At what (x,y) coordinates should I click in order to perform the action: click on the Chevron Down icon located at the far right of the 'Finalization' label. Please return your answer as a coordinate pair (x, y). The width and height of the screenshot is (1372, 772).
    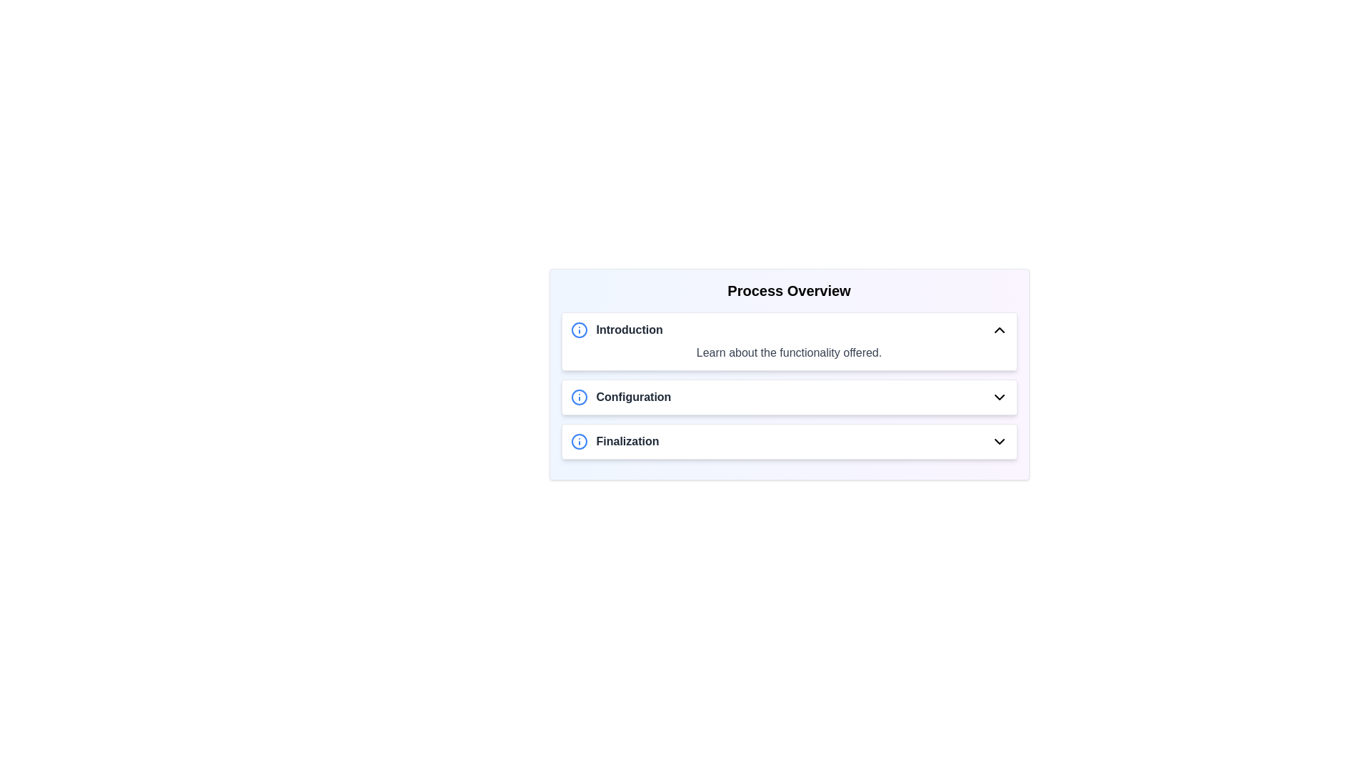
    Looking at the image, I should click on (998, 440).